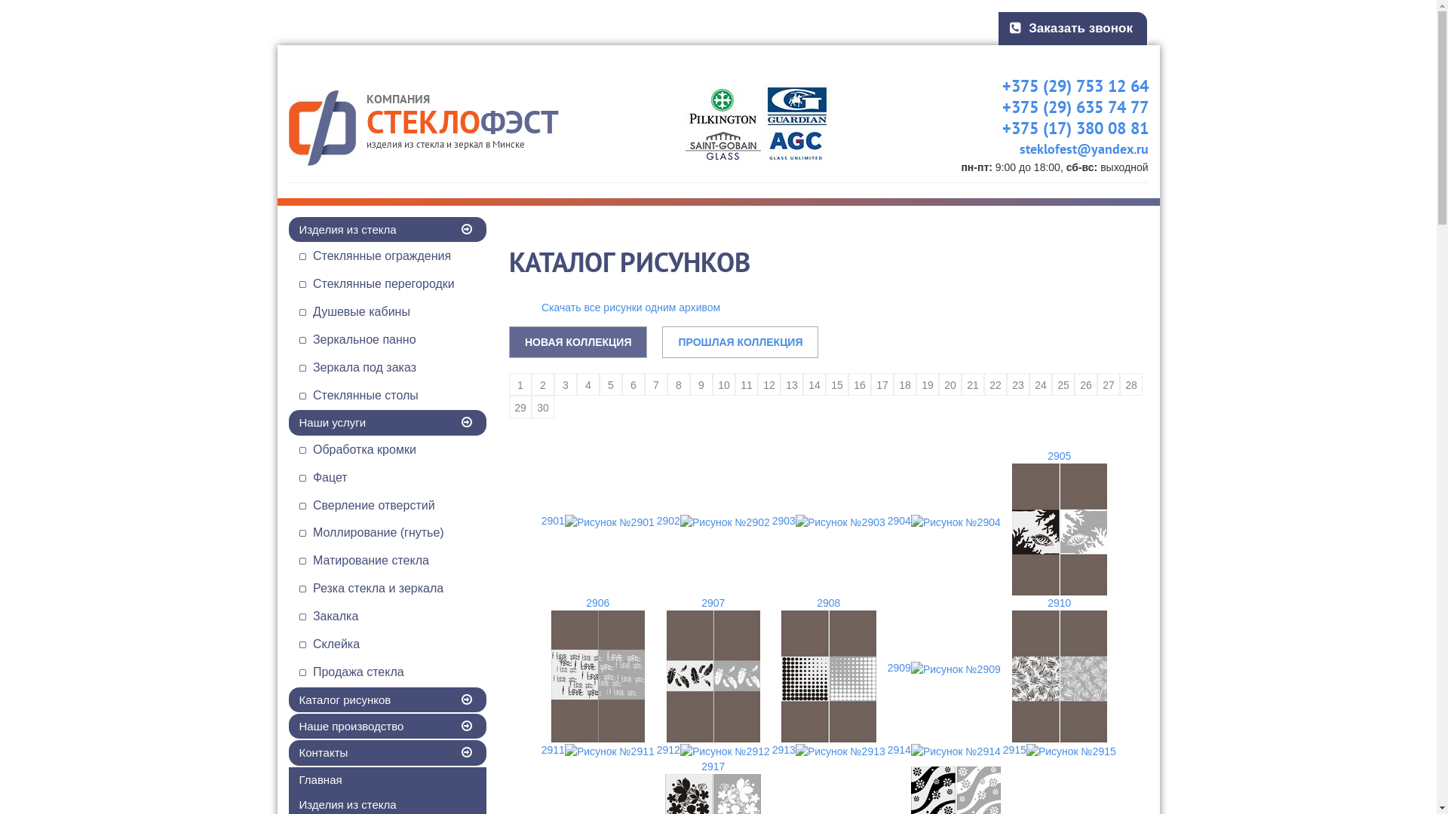 The width and height of the screenshot is (1448, 814). What do you see at coordinates (1061, 106) in the screenshot?
I see `'+375 (29) 635 74 77'` at bounding box center [1061, 106].